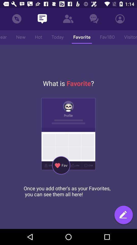  Describe the element at coordinates (123, 215) in the screenshot. I see `item below once you add item` at that location.